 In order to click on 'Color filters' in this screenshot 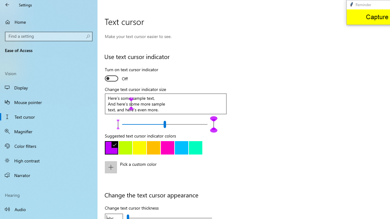, I will do `click(49, 146)`.